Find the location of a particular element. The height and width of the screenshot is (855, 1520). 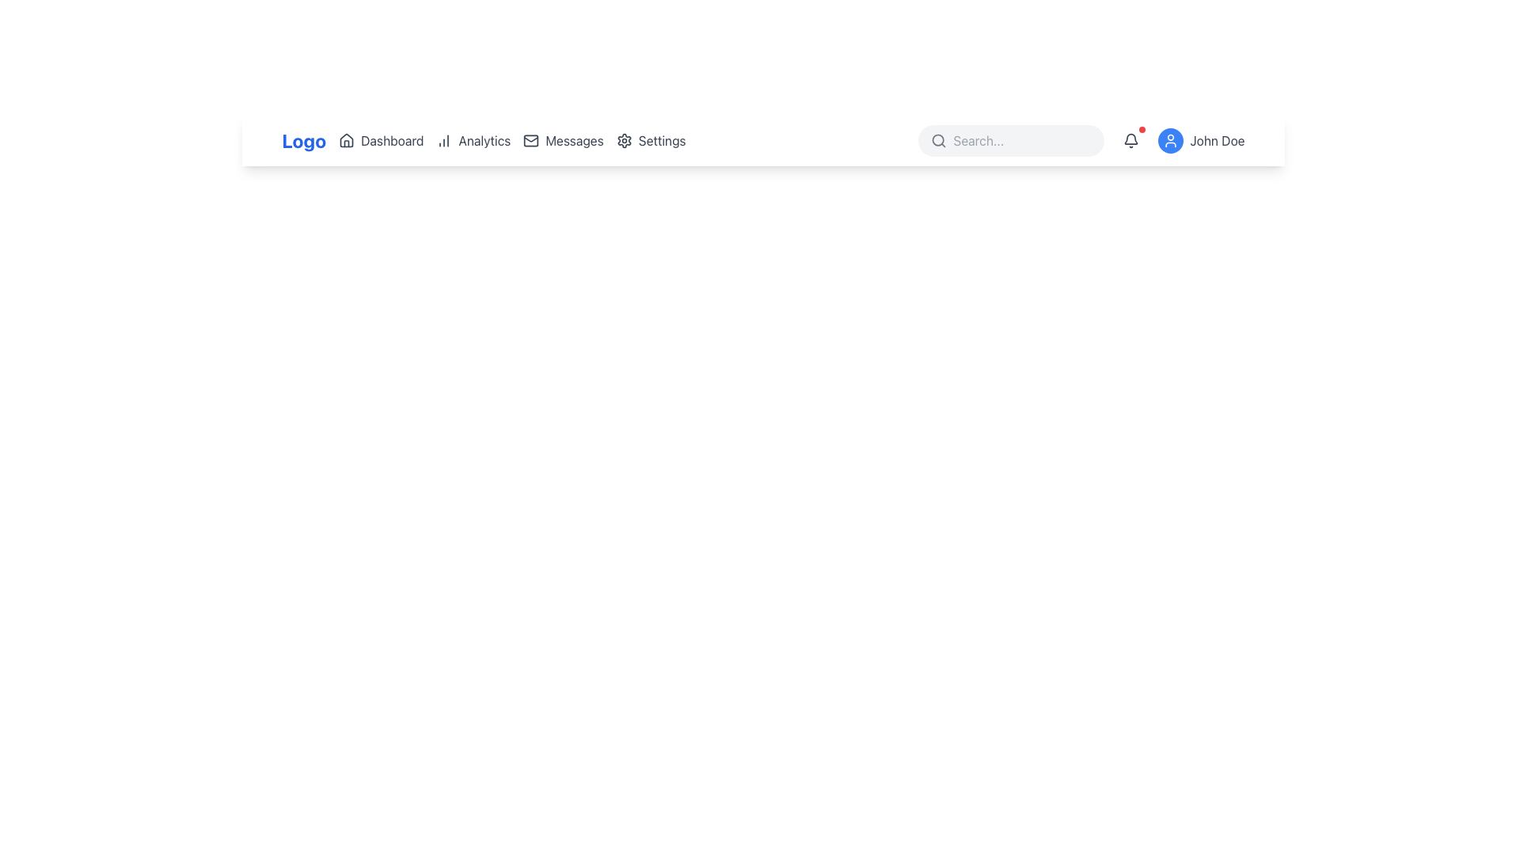

the Text label in the navigation bar, which guides users to the messages or inbox section, positioned between 'Analytics' and 'Settings' is located at coordinates (573, 139).